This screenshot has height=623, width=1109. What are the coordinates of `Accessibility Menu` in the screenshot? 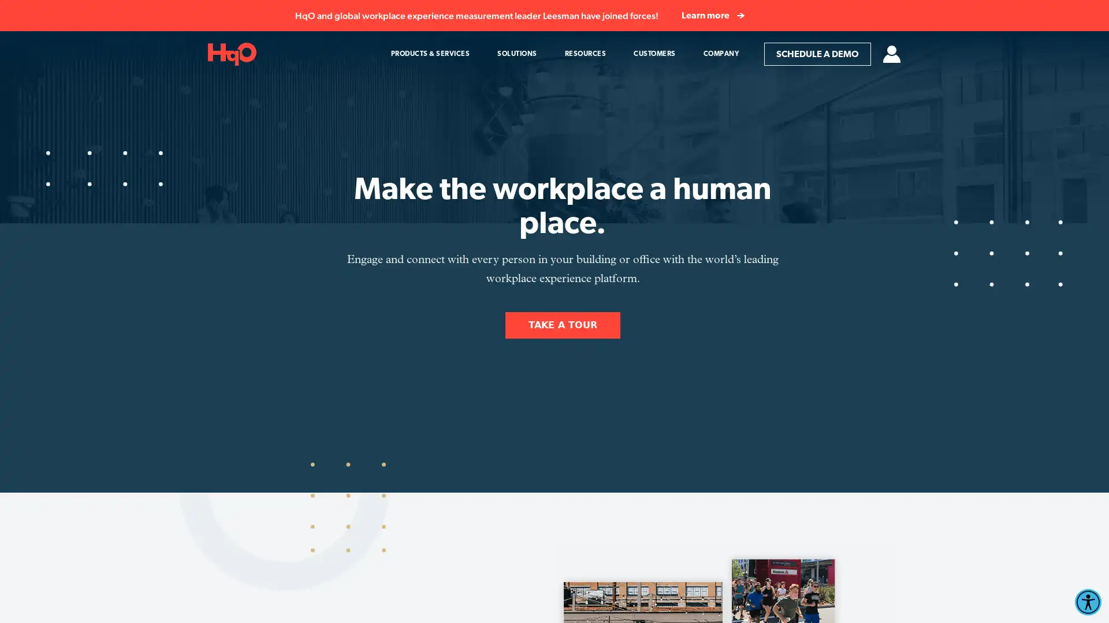 It's located at (1087, 602).